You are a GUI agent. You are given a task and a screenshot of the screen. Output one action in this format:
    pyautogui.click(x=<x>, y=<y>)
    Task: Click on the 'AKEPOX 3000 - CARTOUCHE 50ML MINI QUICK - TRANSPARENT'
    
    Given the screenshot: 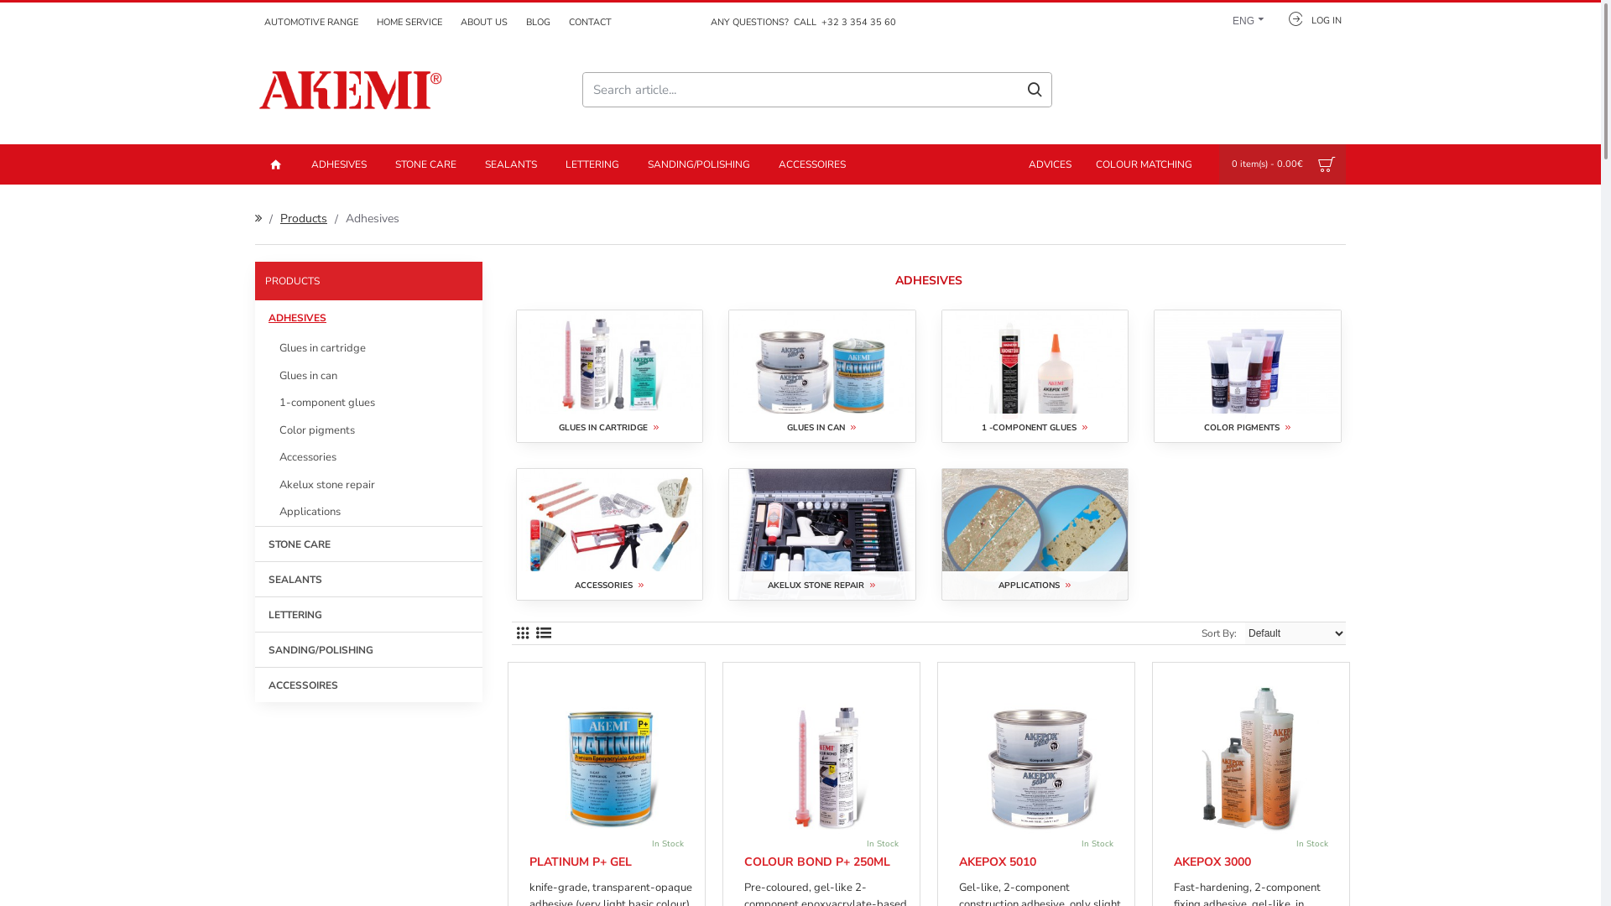 What is the action you would take?
    pyautogui.click(x=1255, y=757)
    